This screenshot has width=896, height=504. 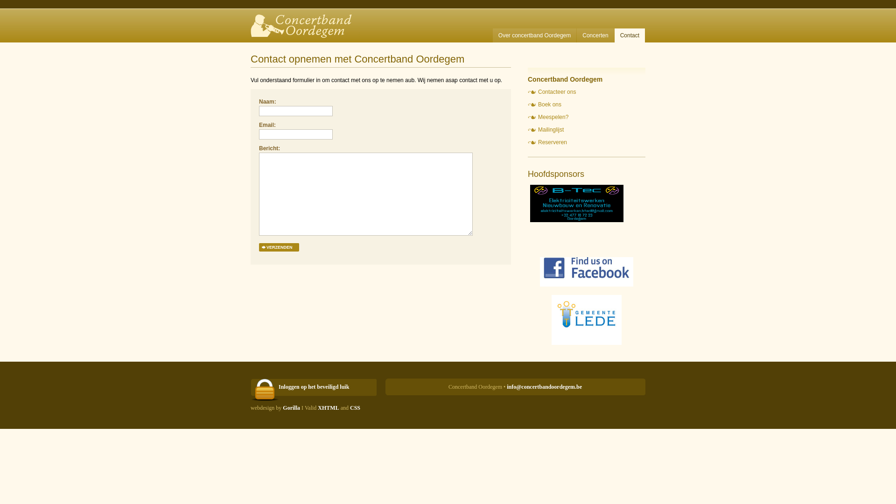 I want to click on 'Vul uw naam in', so click(x=295, y=111).